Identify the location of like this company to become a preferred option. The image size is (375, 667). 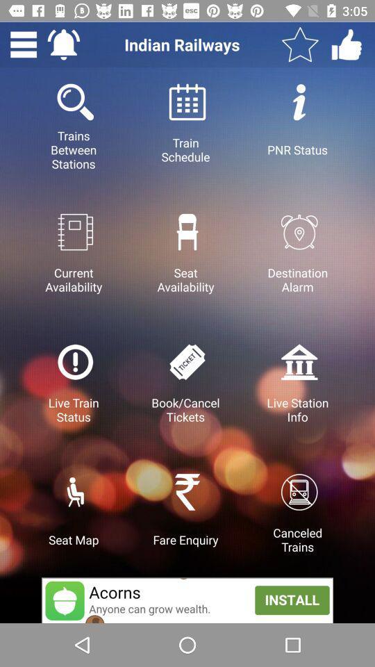
(346, 44).